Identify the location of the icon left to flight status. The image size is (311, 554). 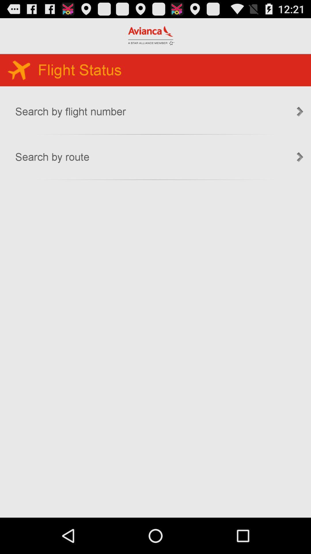
(18, 69).